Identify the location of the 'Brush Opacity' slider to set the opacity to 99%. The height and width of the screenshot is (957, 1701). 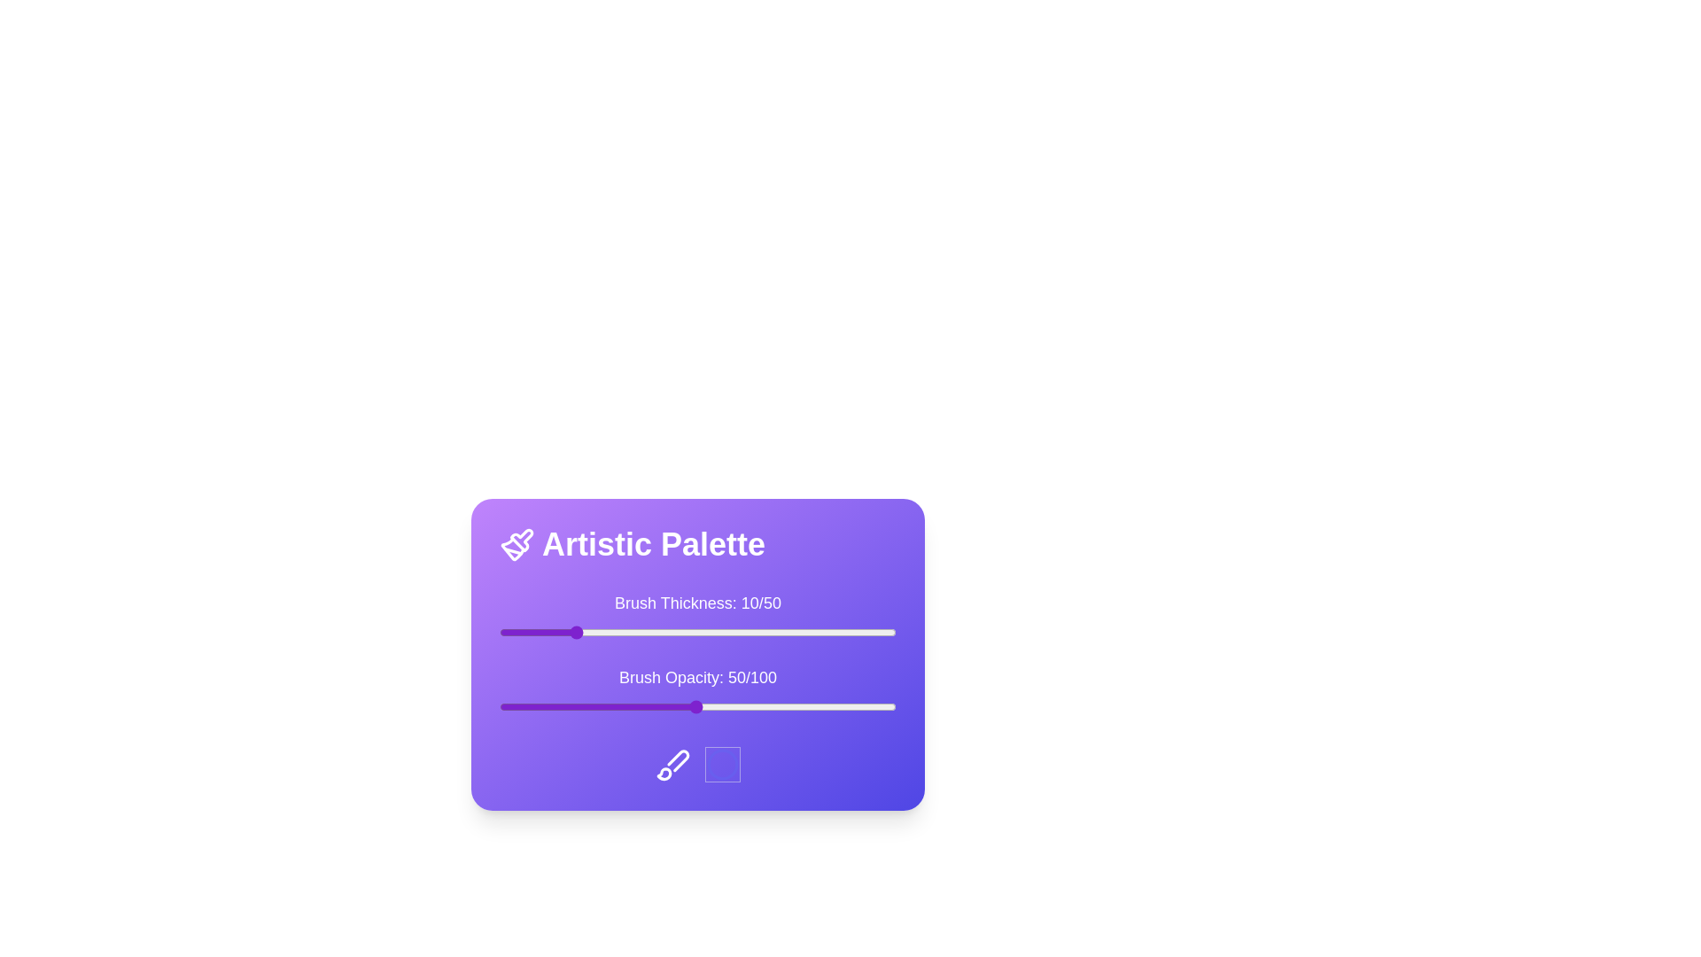
(892, 706).